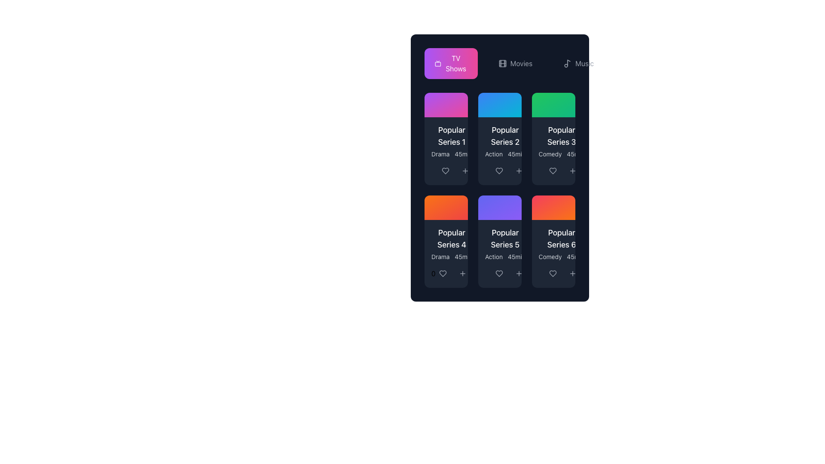 This screenshot has height=464, width=825. I want to click on the plus icon located on the last card in the grid layout at the bottom-left, so click(461, 273).